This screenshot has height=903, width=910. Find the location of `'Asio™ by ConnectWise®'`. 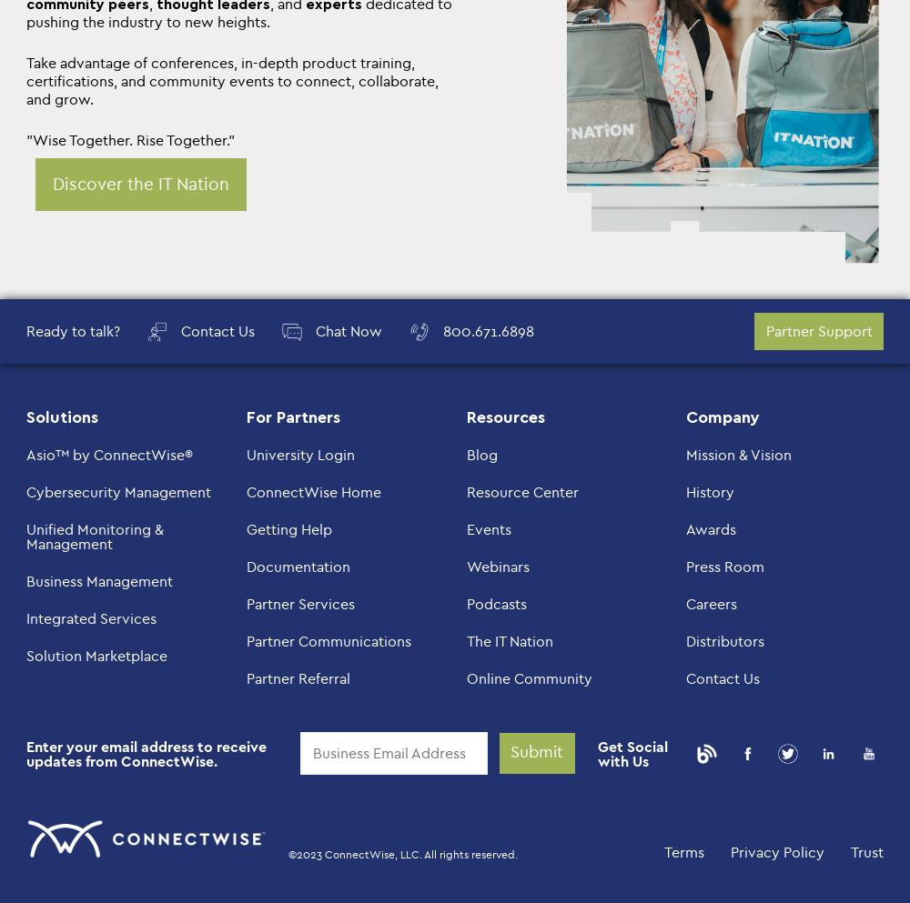

'Asio™ by ConnectWise®' is located at coordinates (26, 455).